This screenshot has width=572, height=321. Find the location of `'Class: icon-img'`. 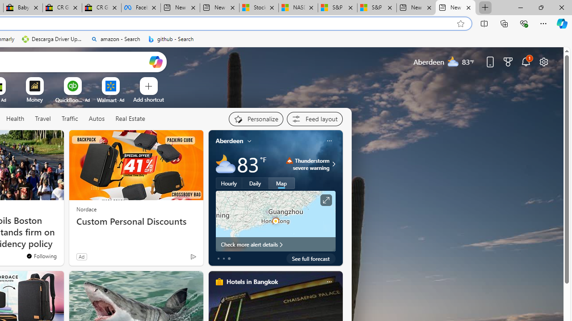

'Class: icon-img' is located at coordinates (328, 282).